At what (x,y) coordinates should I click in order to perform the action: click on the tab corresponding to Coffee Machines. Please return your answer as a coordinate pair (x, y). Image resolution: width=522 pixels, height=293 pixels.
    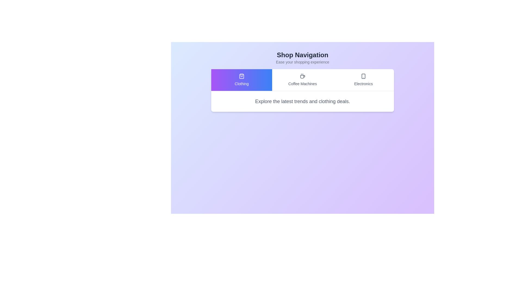
    Looking at the image, I should click on (302, 80).